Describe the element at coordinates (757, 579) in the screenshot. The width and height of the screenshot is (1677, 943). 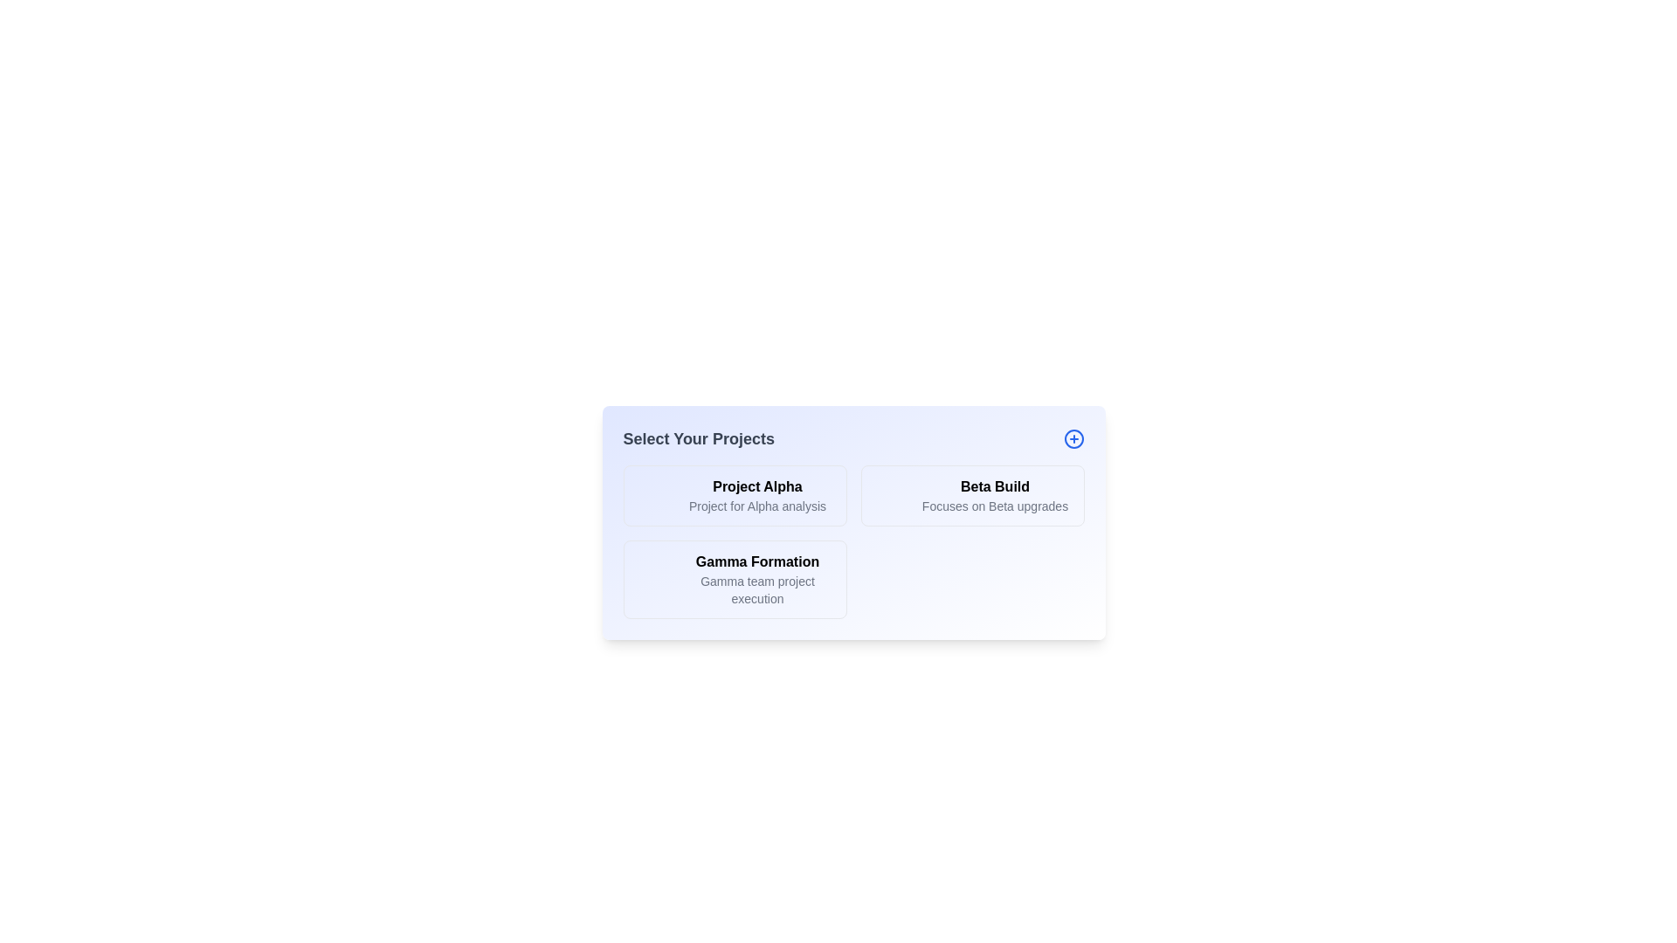
I see `the selectable project titled 'Gamma Formation'` at that location.